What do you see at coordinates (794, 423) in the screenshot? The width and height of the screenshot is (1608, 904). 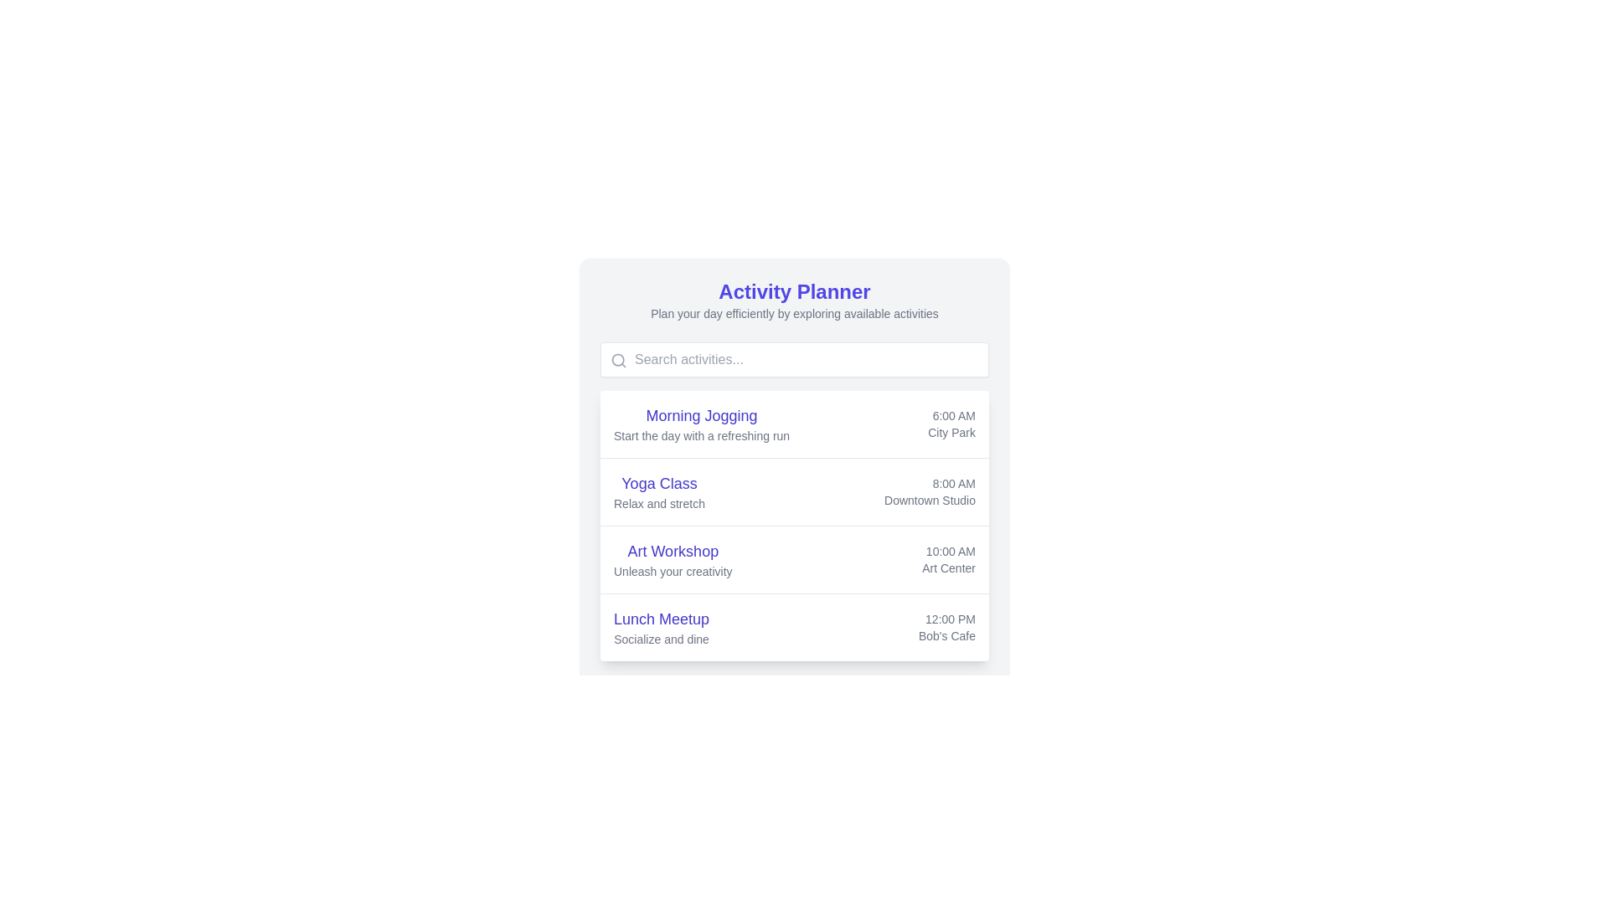 I see `information from the first list item in the Activity Planner that displays the activity title 'Morning Jogging', subtitle 'Start the day with a refreshing run', and details '6:00 AM' and 'City Park'` at bounding box center [794, 423].